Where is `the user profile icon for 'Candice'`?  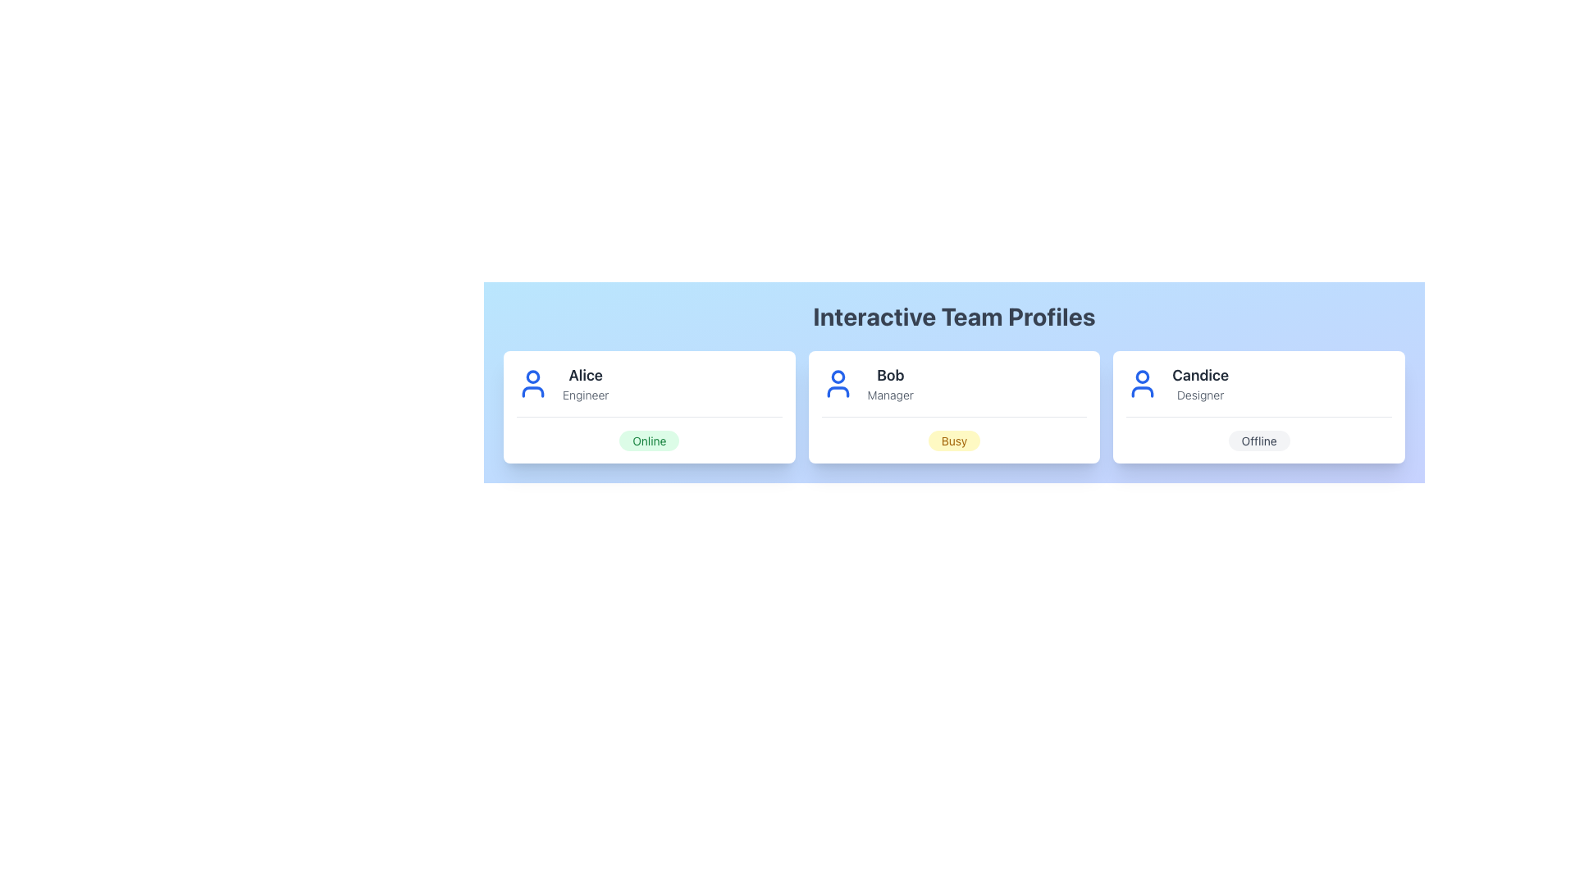 the user profile icon for 'Candice' is located at coordinates (1142, 383).